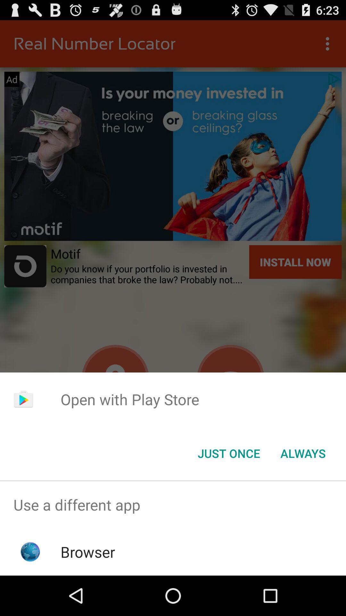 The image size is (346, 616). Describe the element at coordinates (88, 552) in the screenshot. I see `browser icon` at that location.